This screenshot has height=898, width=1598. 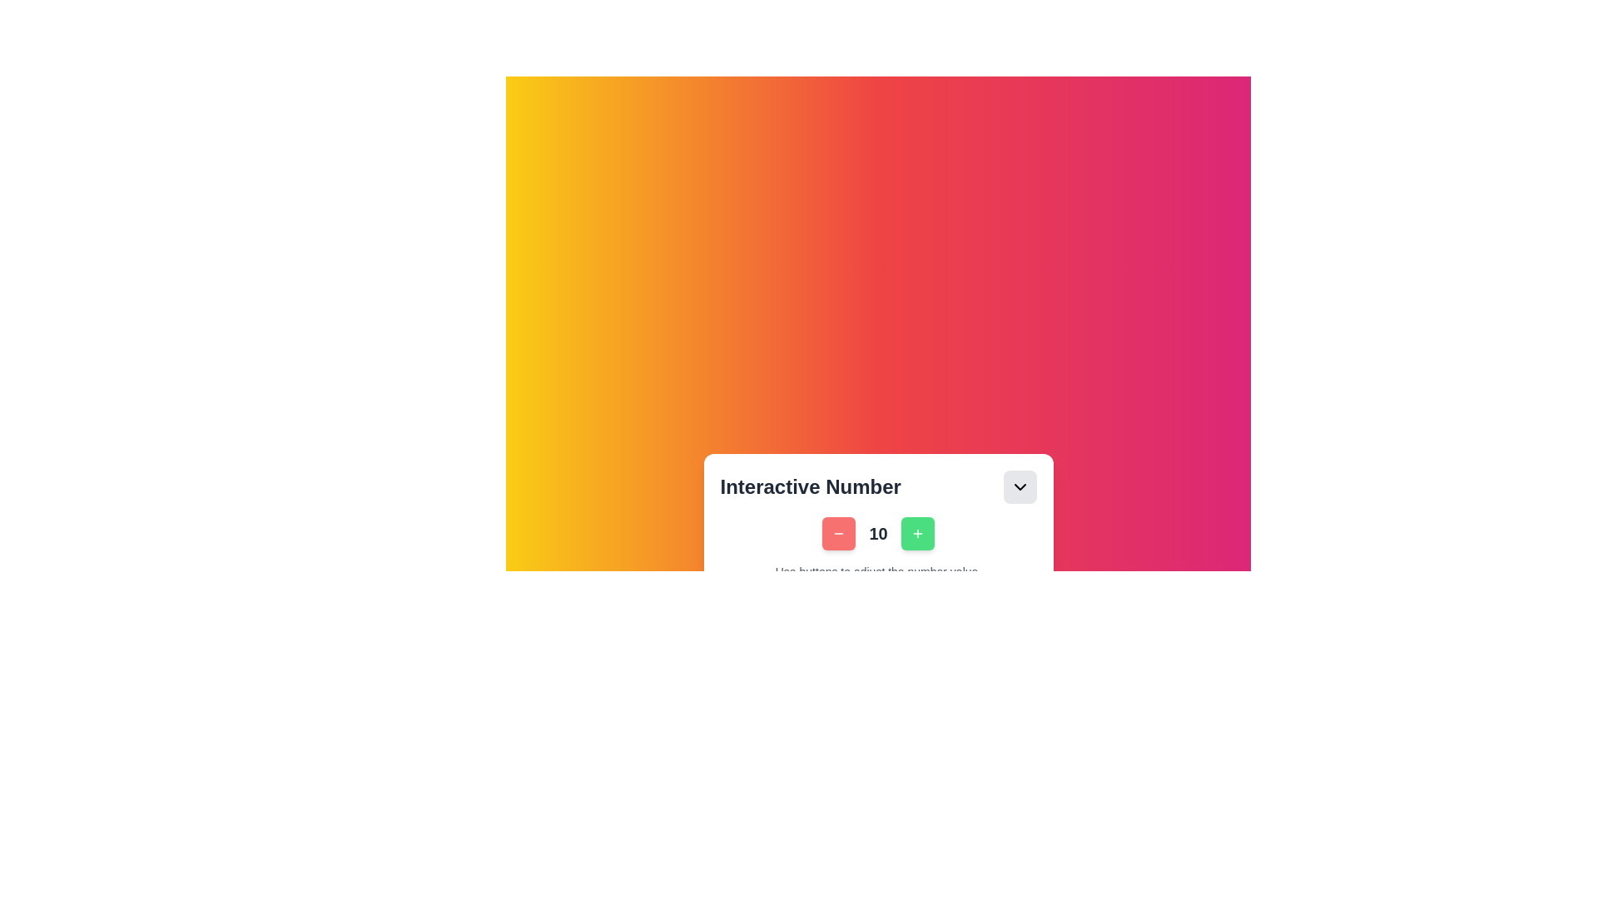 What do you see at coordinates (1019, 486) in the screenshot?
I see `the chevron icon located in the top-right corner of the 'Interactive Number' card` at bounding box center [1019, 486].